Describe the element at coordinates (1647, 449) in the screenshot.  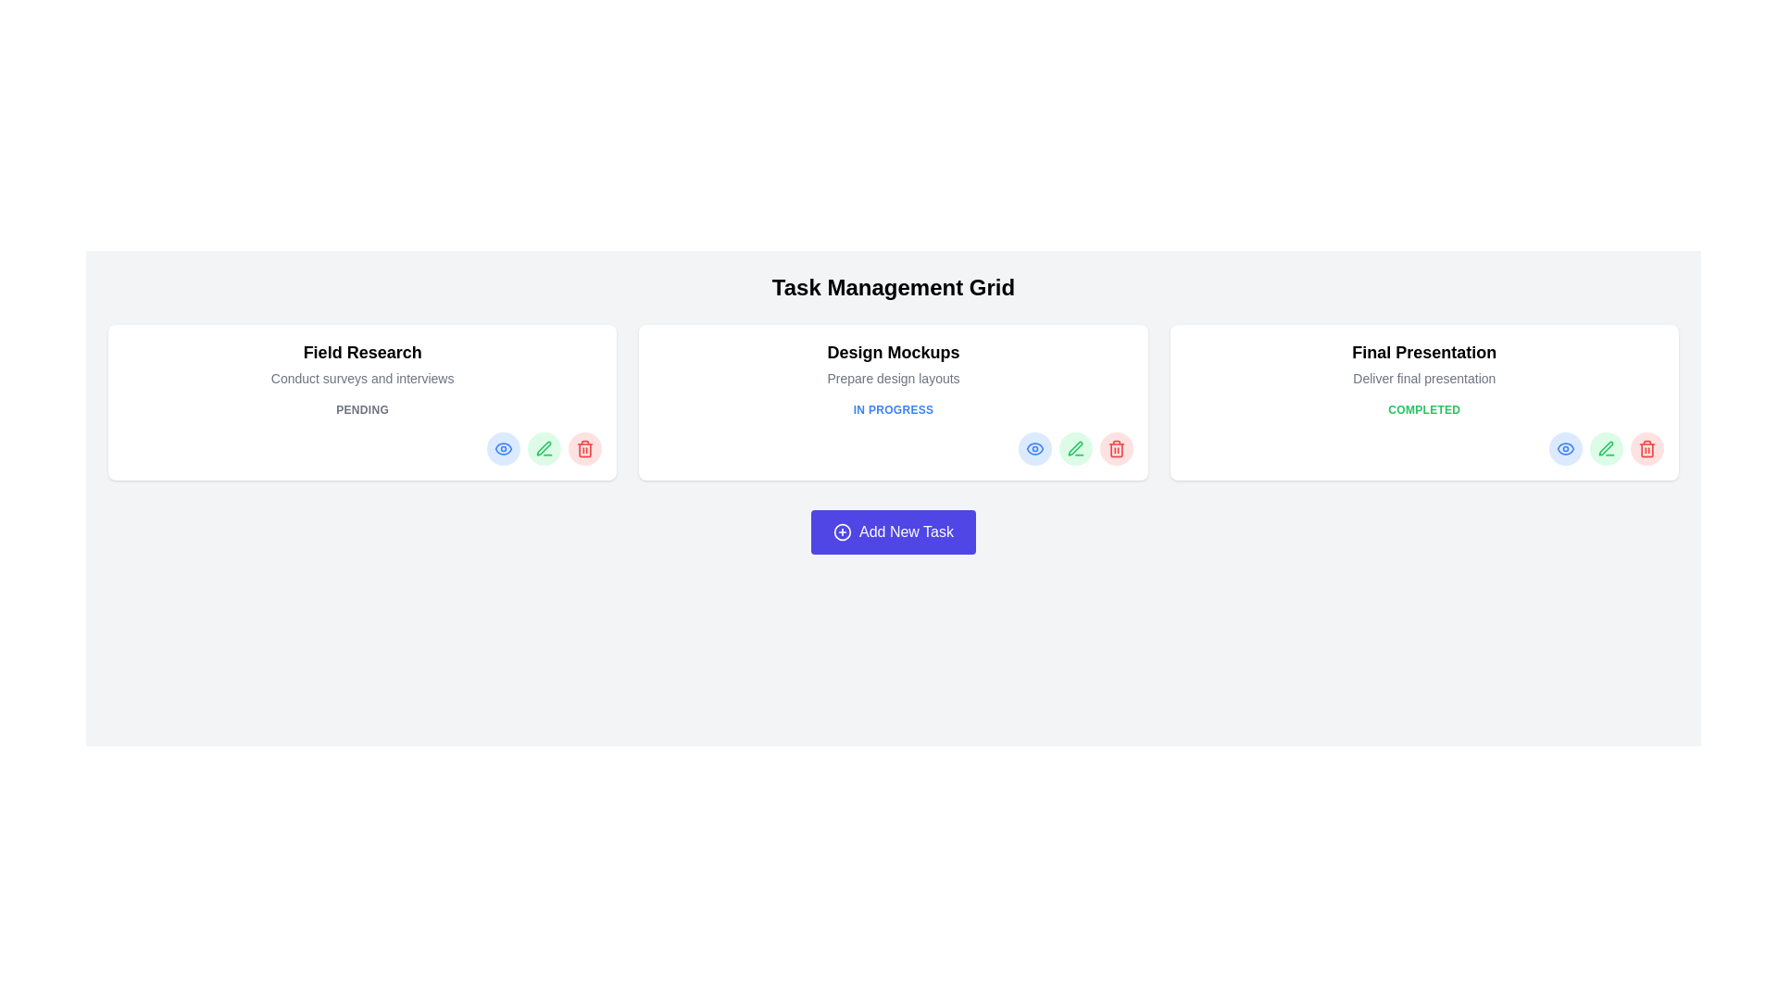
I see `the delete icon button located at the bottom-right corner of the 'Final Presentation' card` at that location.